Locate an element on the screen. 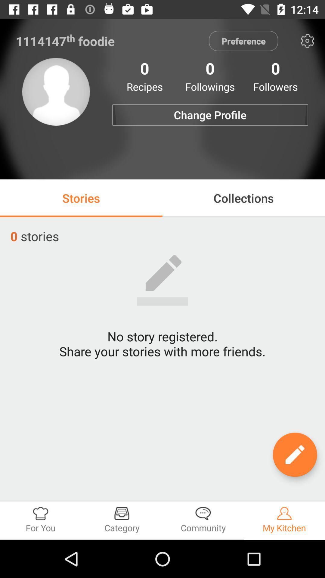 The image size is (325, 578). settings is located at coordinates (307, 41).